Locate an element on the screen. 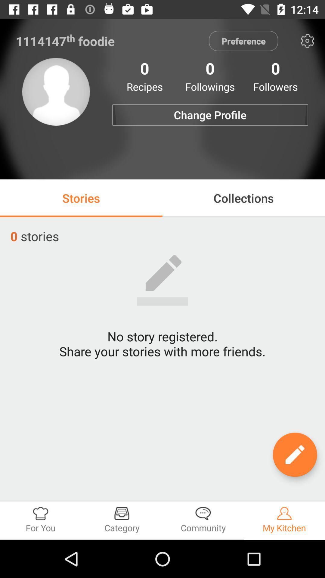 The image size is (325, 578). settings is located at coordinates (307, 41).